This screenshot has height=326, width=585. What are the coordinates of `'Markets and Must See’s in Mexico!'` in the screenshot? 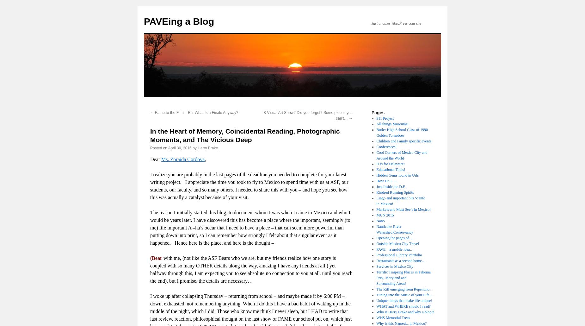 It's located at (403, 209).